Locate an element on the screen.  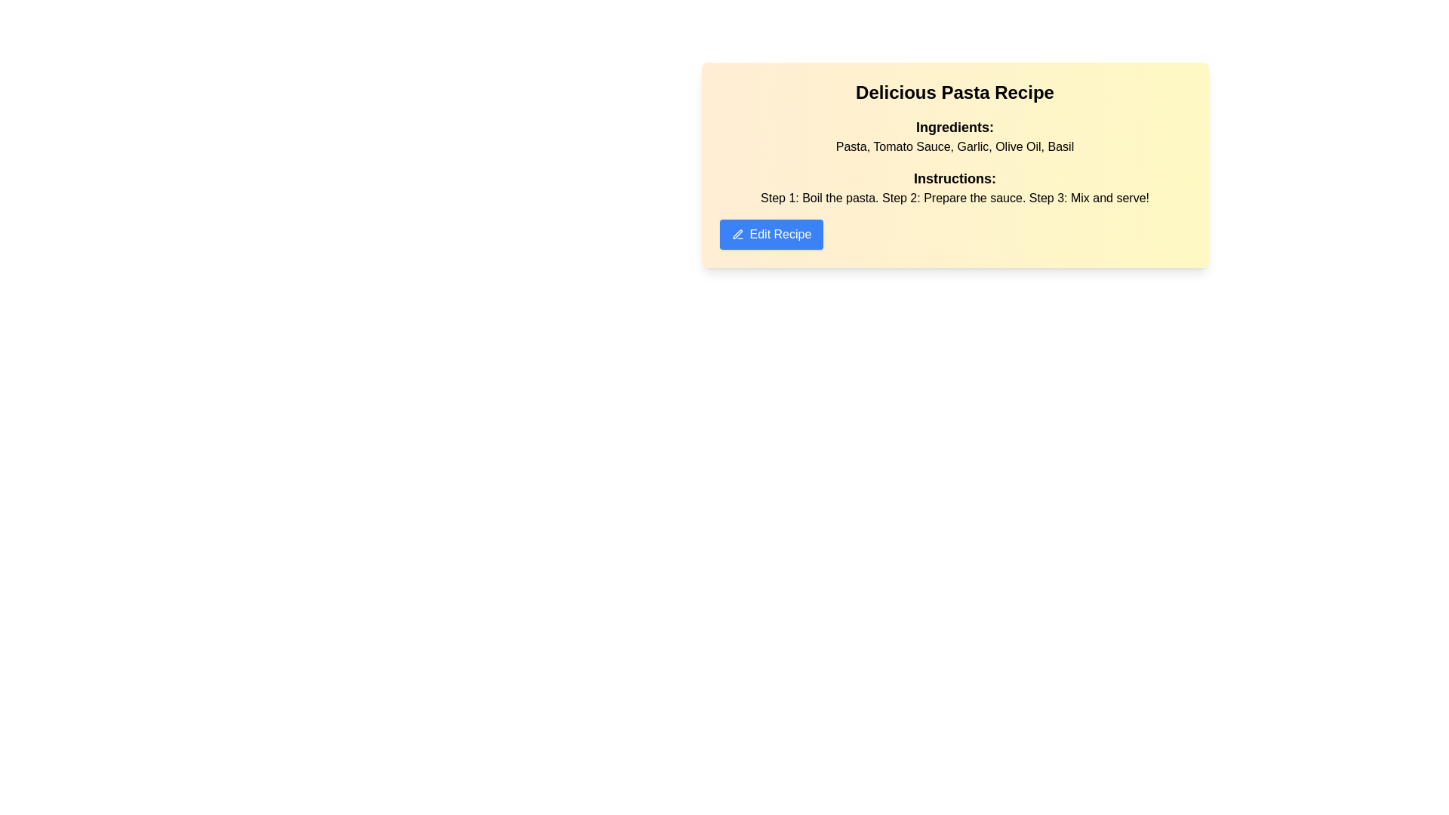
the header text element that indicates the name of the recipe, located at the top of its section is located at coordinates (954, 93).